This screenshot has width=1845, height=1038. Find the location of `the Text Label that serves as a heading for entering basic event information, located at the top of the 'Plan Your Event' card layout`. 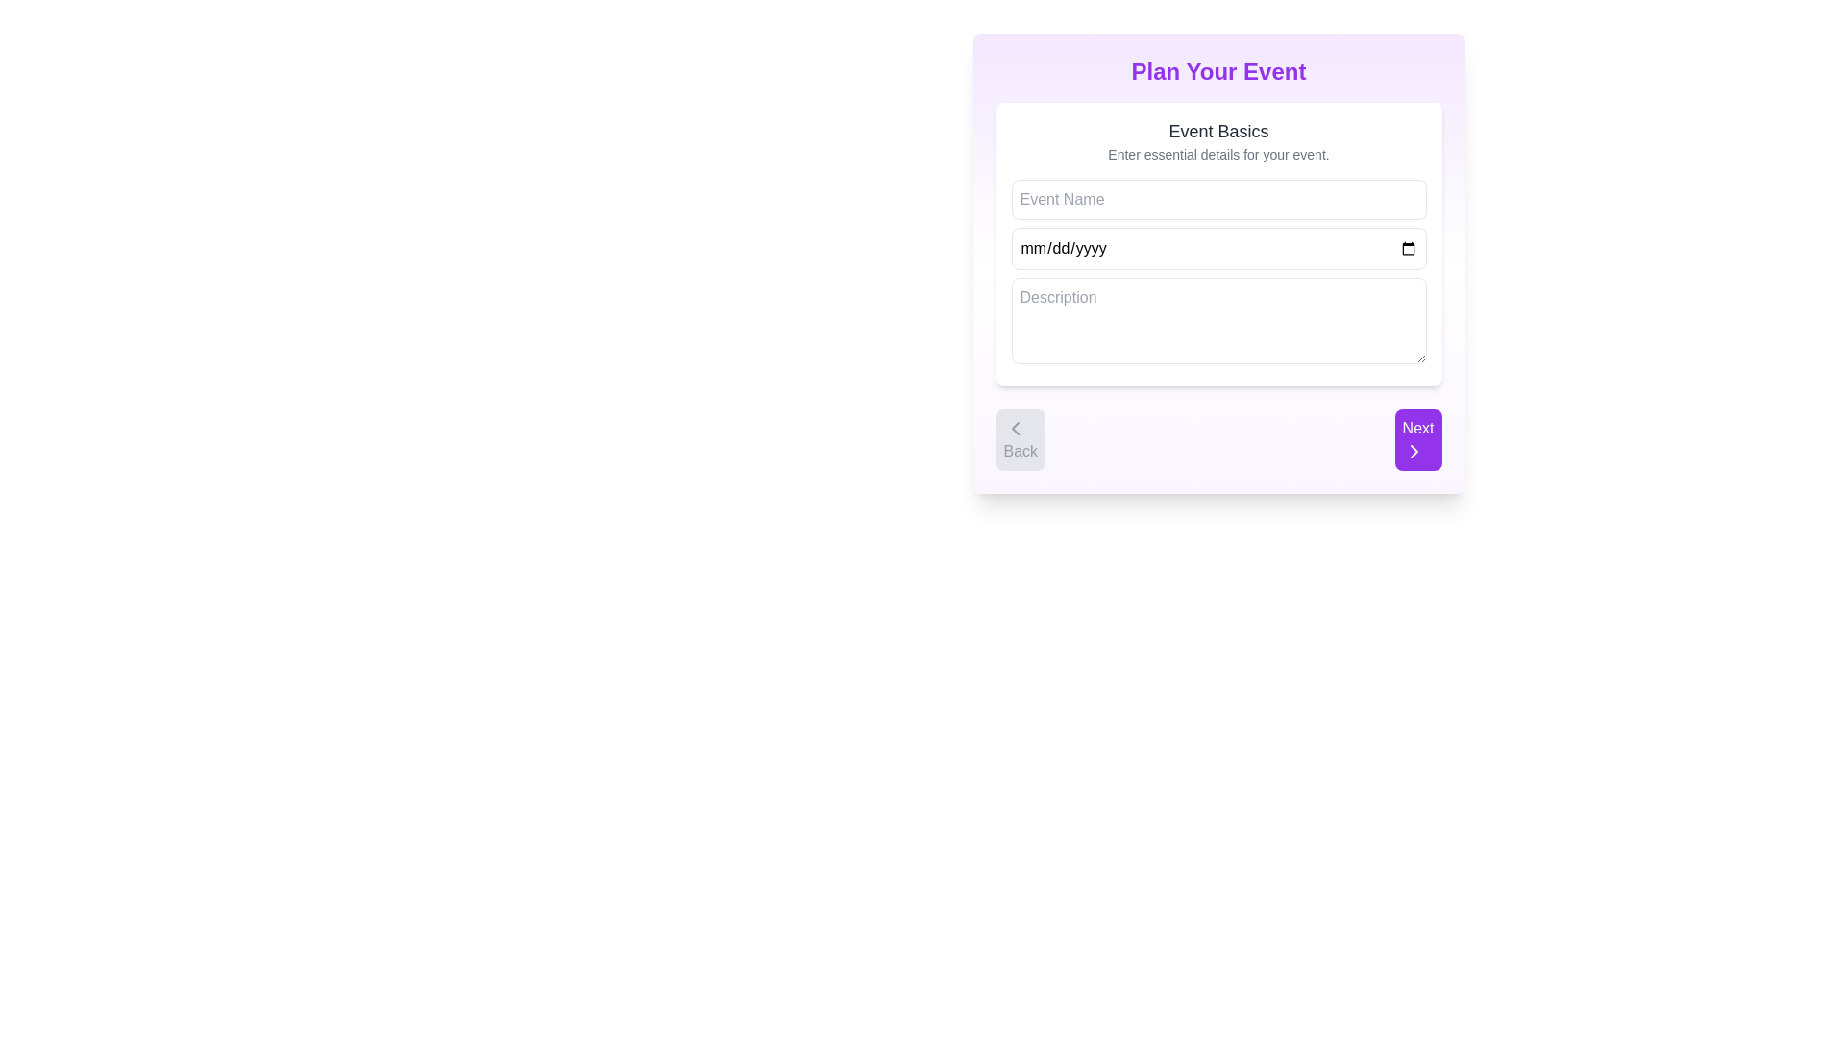

the Text Label that serves as a heading for entering basic event information, located at the top of the 'Plan Your Event' card layout is located at coordinates (1218, 131).